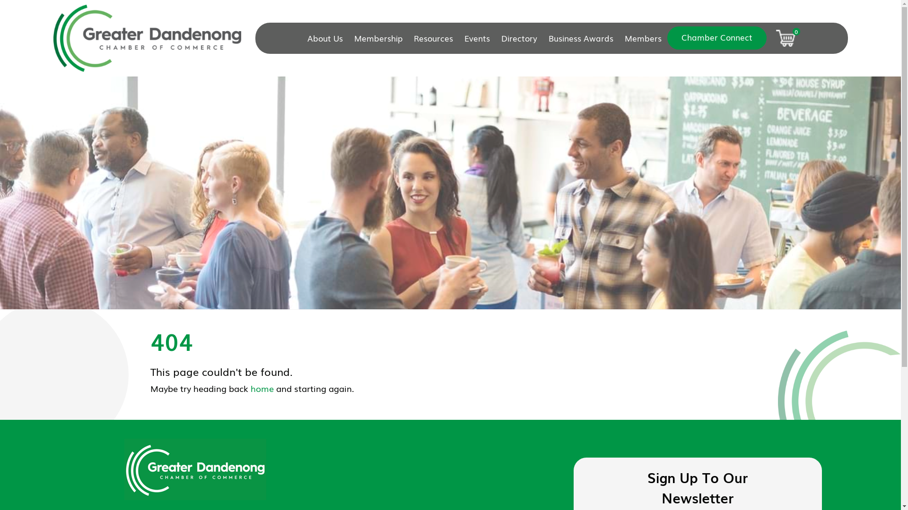 The image size is (908, 510). I want to click on 'Directory', so click(495, 38).